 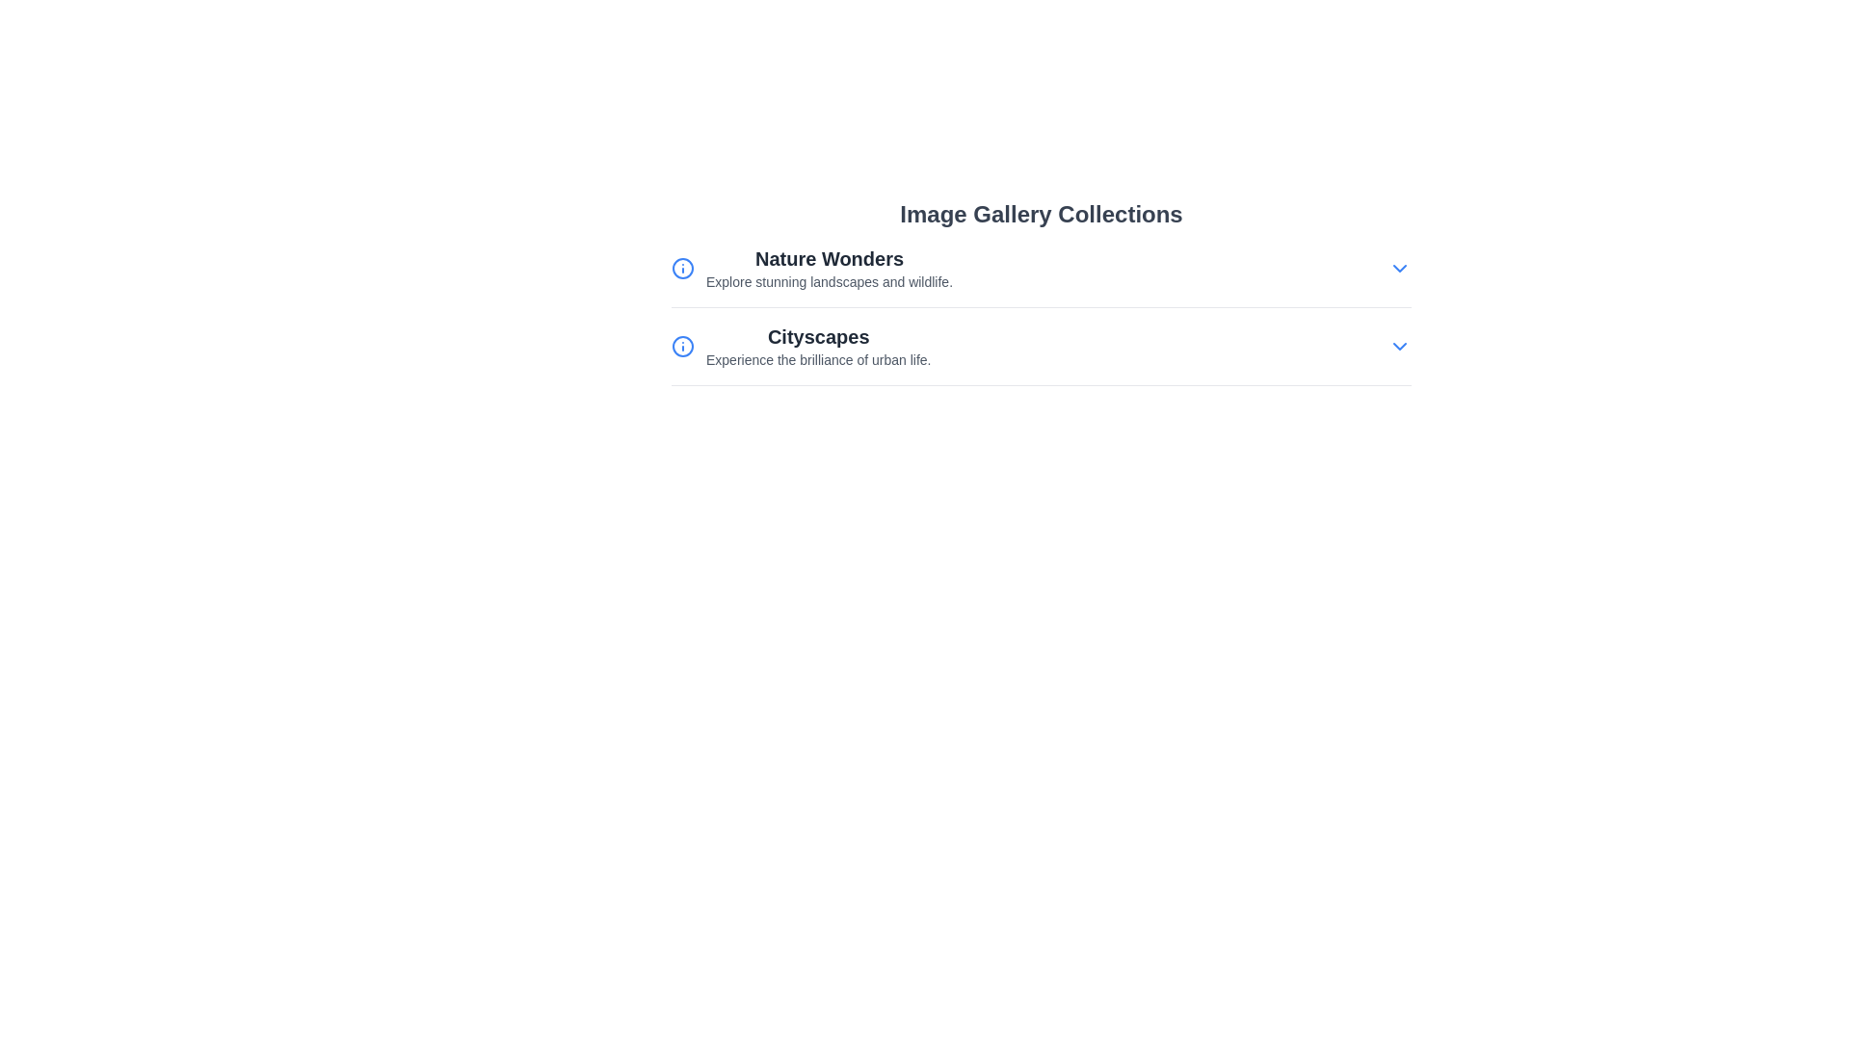 What do you see at coordinates (683, 268) in the screenshot?
I see `the icon that provides additional information about the 'Nature Wonders' section, positioned to the left of the title 'Nature Wonders'` at bounding box center [683, 268].